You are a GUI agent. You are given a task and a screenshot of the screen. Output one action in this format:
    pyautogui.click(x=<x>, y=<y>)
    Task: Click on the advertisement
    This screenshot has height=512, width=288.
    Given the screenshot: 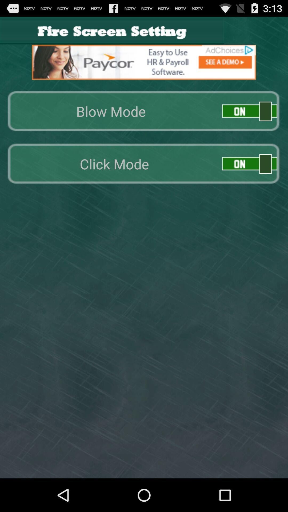 What is the action you would take?
    pyautogui.click(x=144, y=62)
    